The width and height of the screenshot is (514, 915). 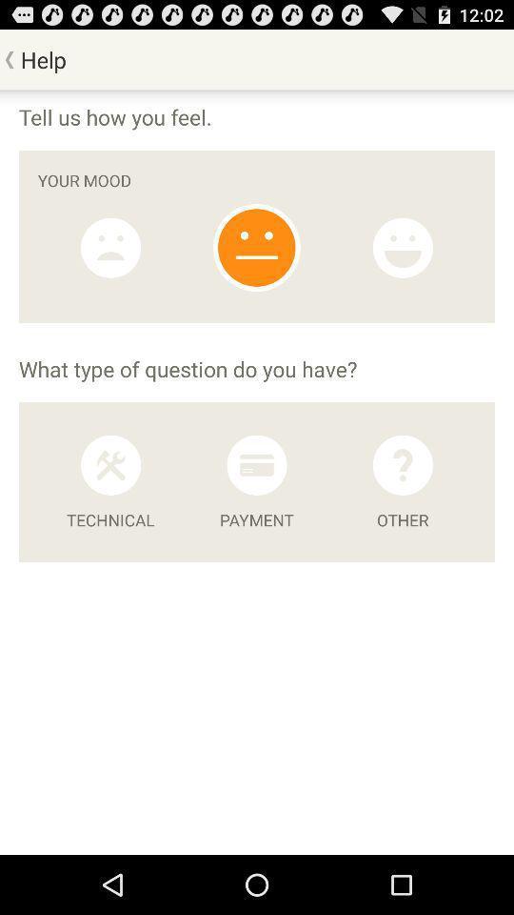 What do you see at coordinates (256, 247) in the screenshot?
I see `neutral satisfaction` at bounding box center [256, 247].